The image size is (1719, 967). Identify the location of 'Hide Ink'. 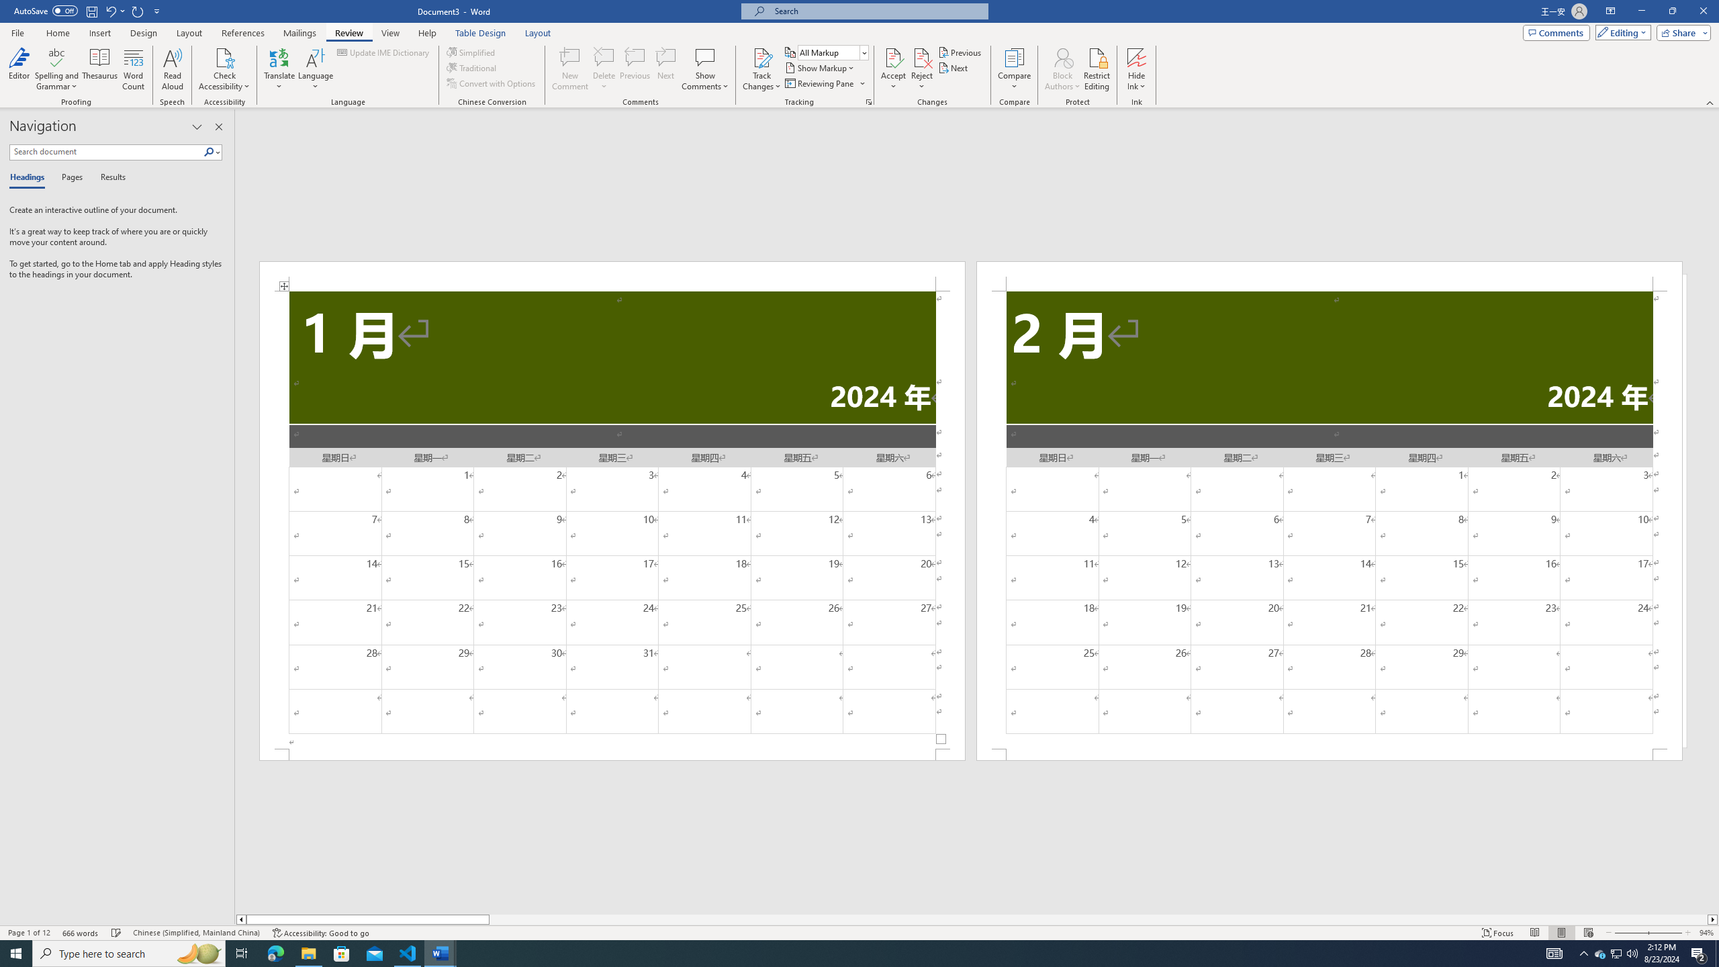
(1136, 56).